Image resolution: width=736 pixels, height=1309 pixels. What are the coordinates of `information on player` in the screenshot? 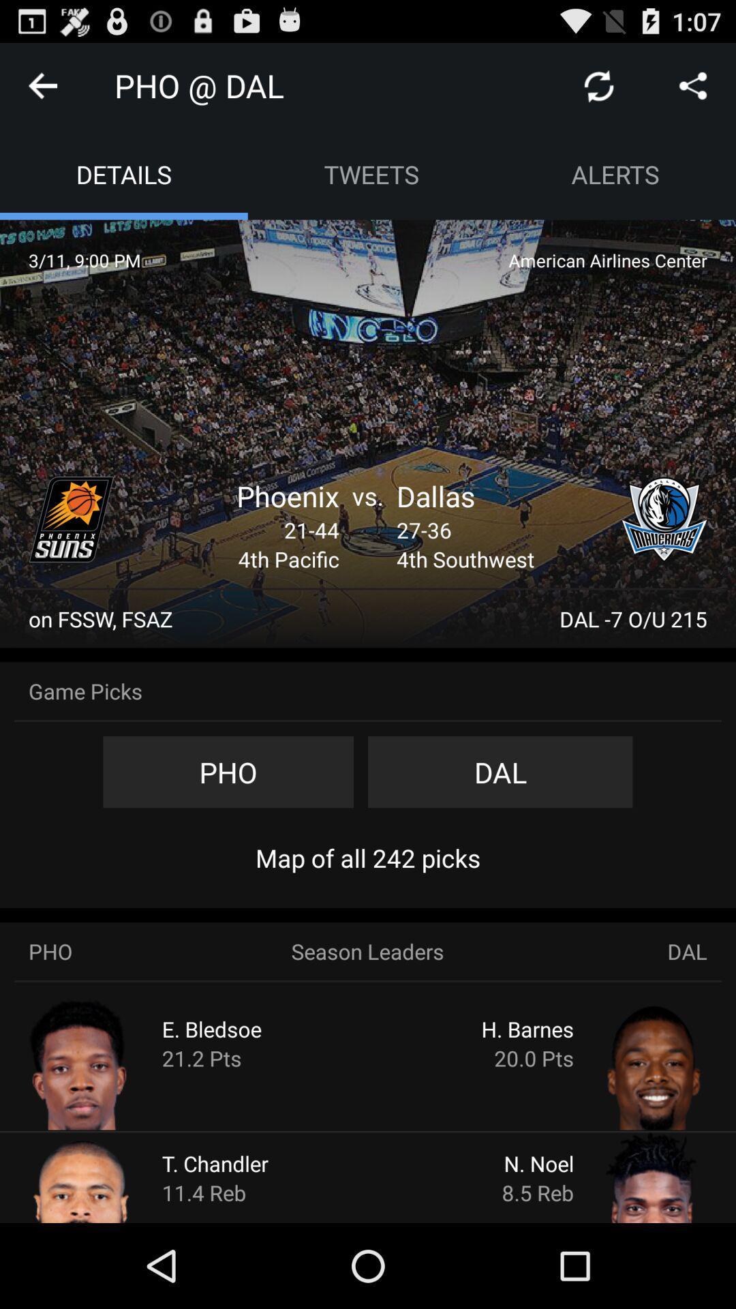 It's located at (106, 1176).